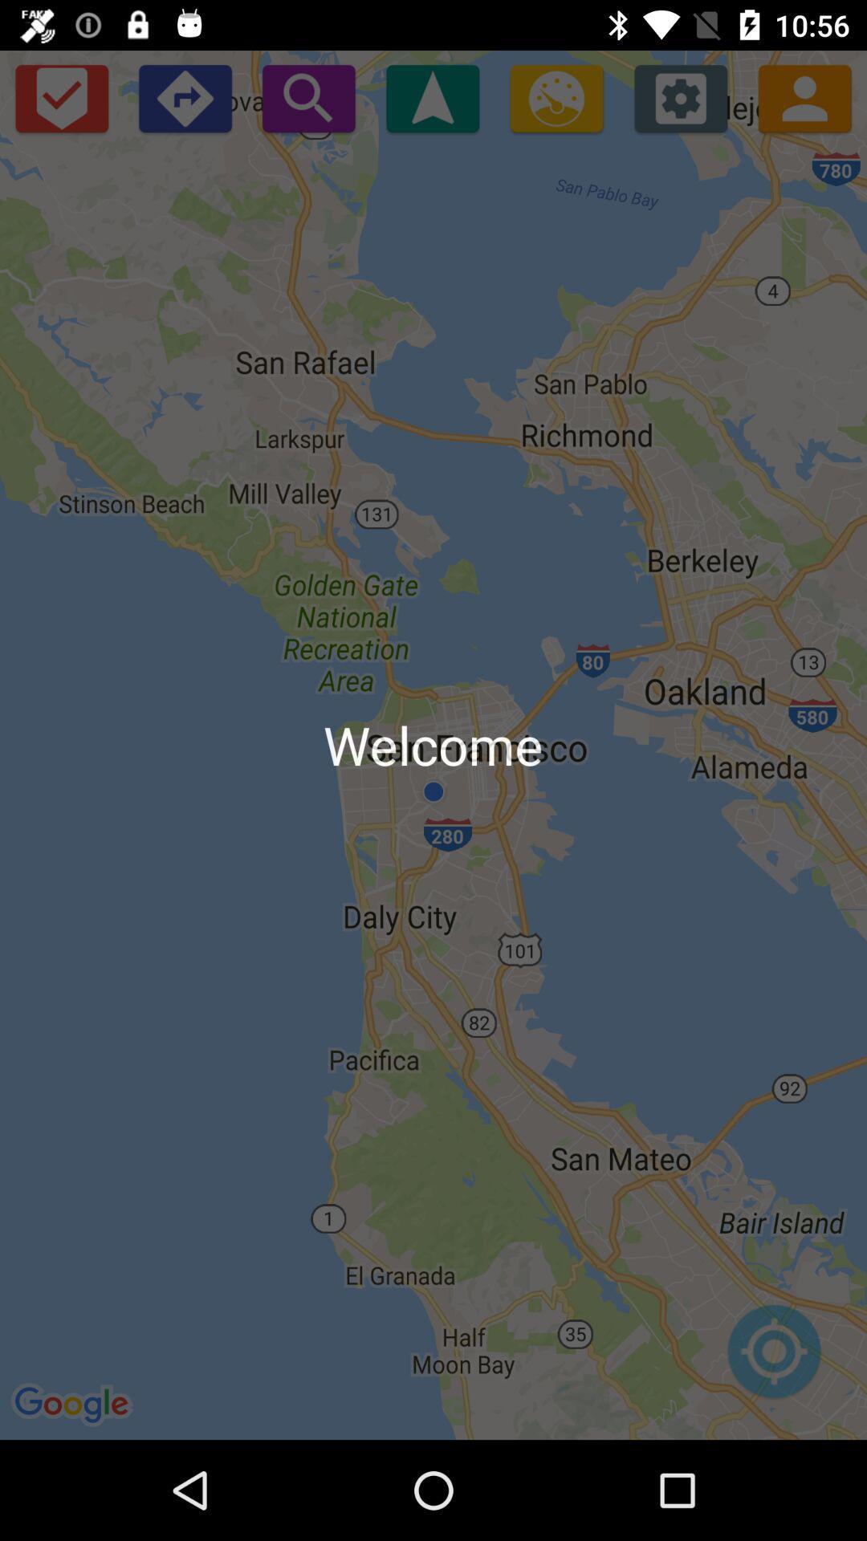 This screenshot has width=867, height=1541. What do you see at coordinates (184, 97) in the screenshot?
I see `the redo icon` at bounding box center [184, 97].